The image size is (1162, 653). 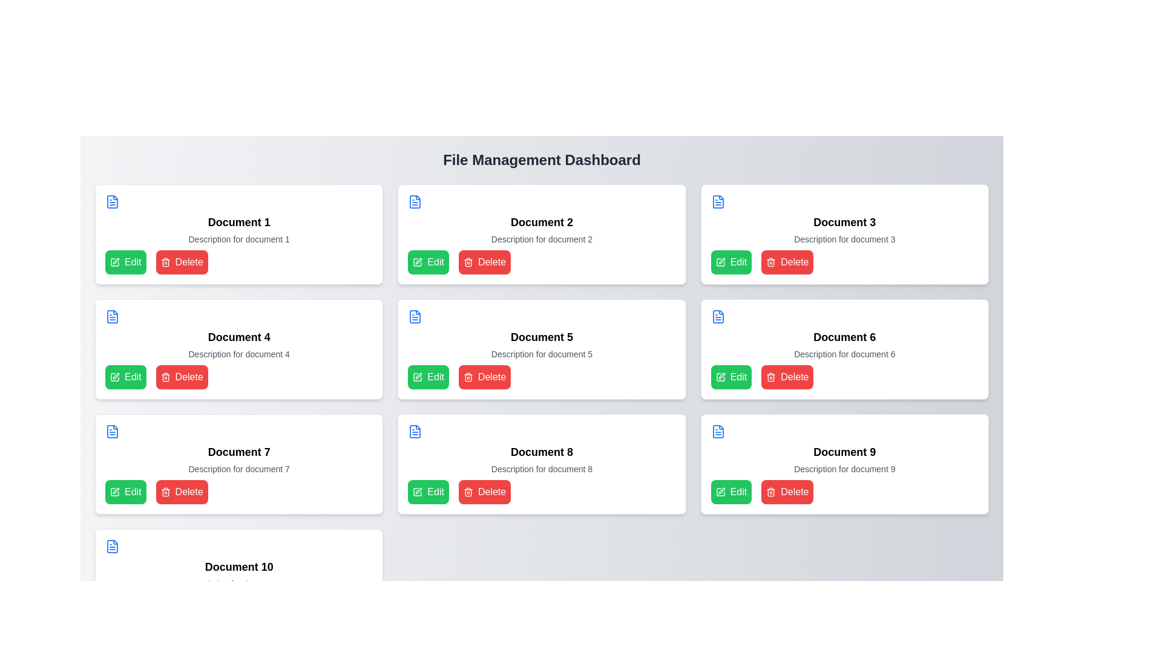 What do you see at coordinates (415, 316) in the screenshot?
I see `the document icon component located in the 'Document 5' card, which is the primary rectangular shape in the icon's construction` at bounding box center [415, 316].